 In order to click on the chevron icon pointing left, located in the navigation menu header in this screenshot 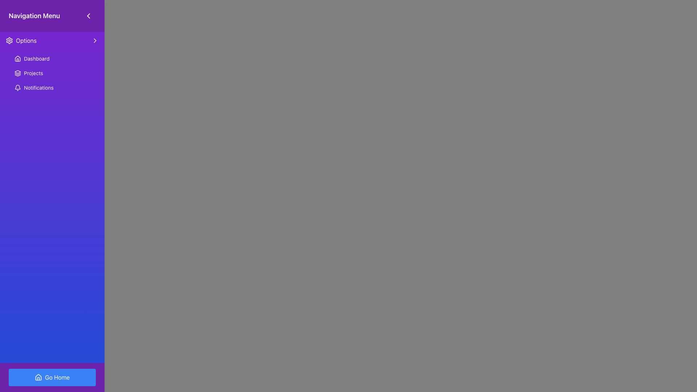, I will do `click(88, 16)`.